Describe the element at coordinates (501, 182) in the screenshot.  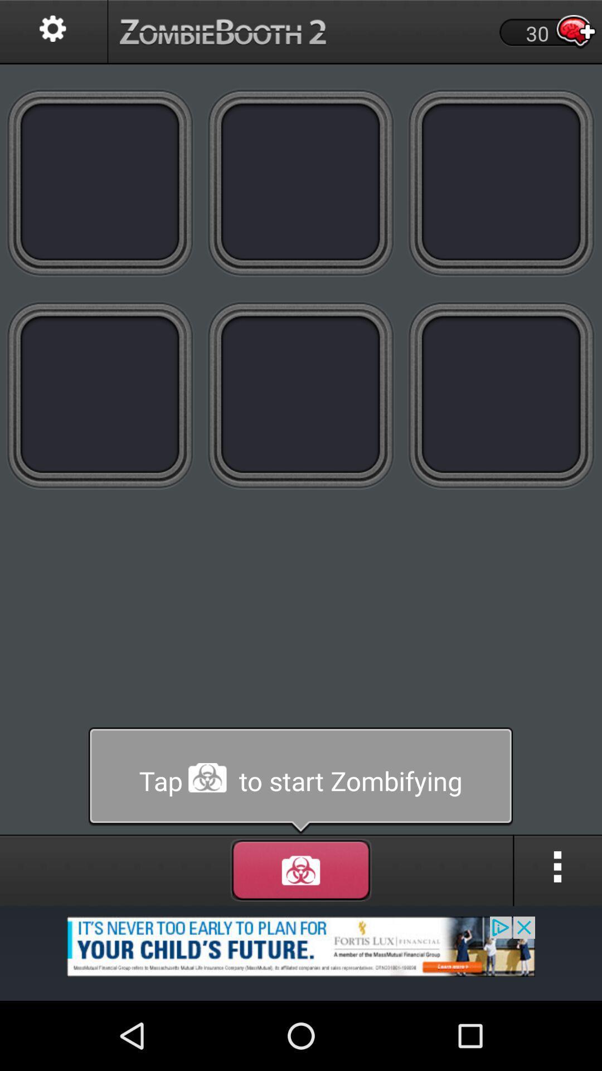
I see `new pega` at that location.